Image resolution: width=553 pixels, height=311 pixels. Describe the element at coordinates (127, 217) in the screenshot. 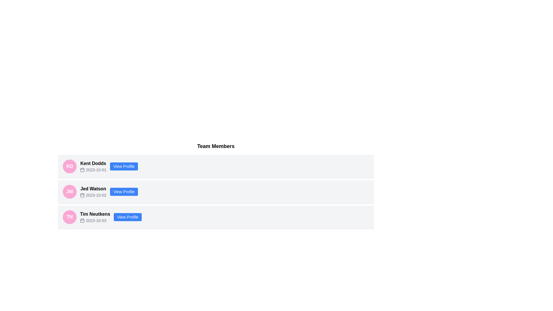

I see `the blue button labeled 'View Profile' to observe its hover effect` at that location.